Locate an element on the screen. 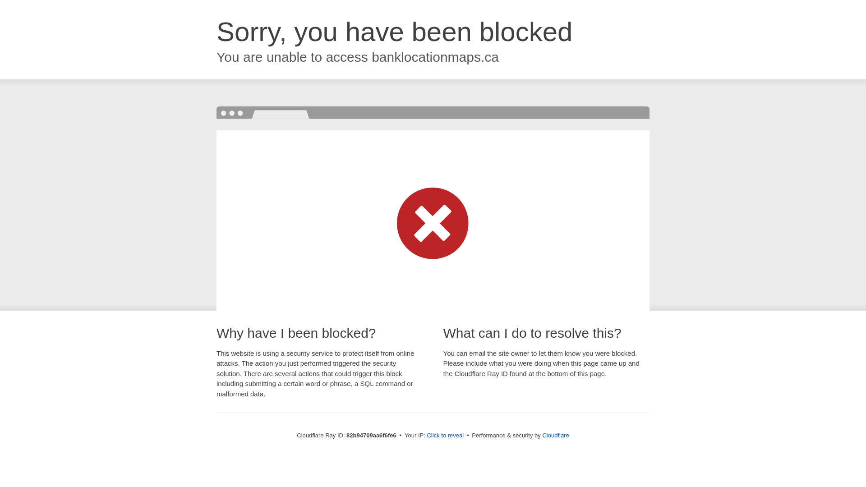 The image size is (866, 487). 'Click to reveal' is located at coordinates (426, 435).